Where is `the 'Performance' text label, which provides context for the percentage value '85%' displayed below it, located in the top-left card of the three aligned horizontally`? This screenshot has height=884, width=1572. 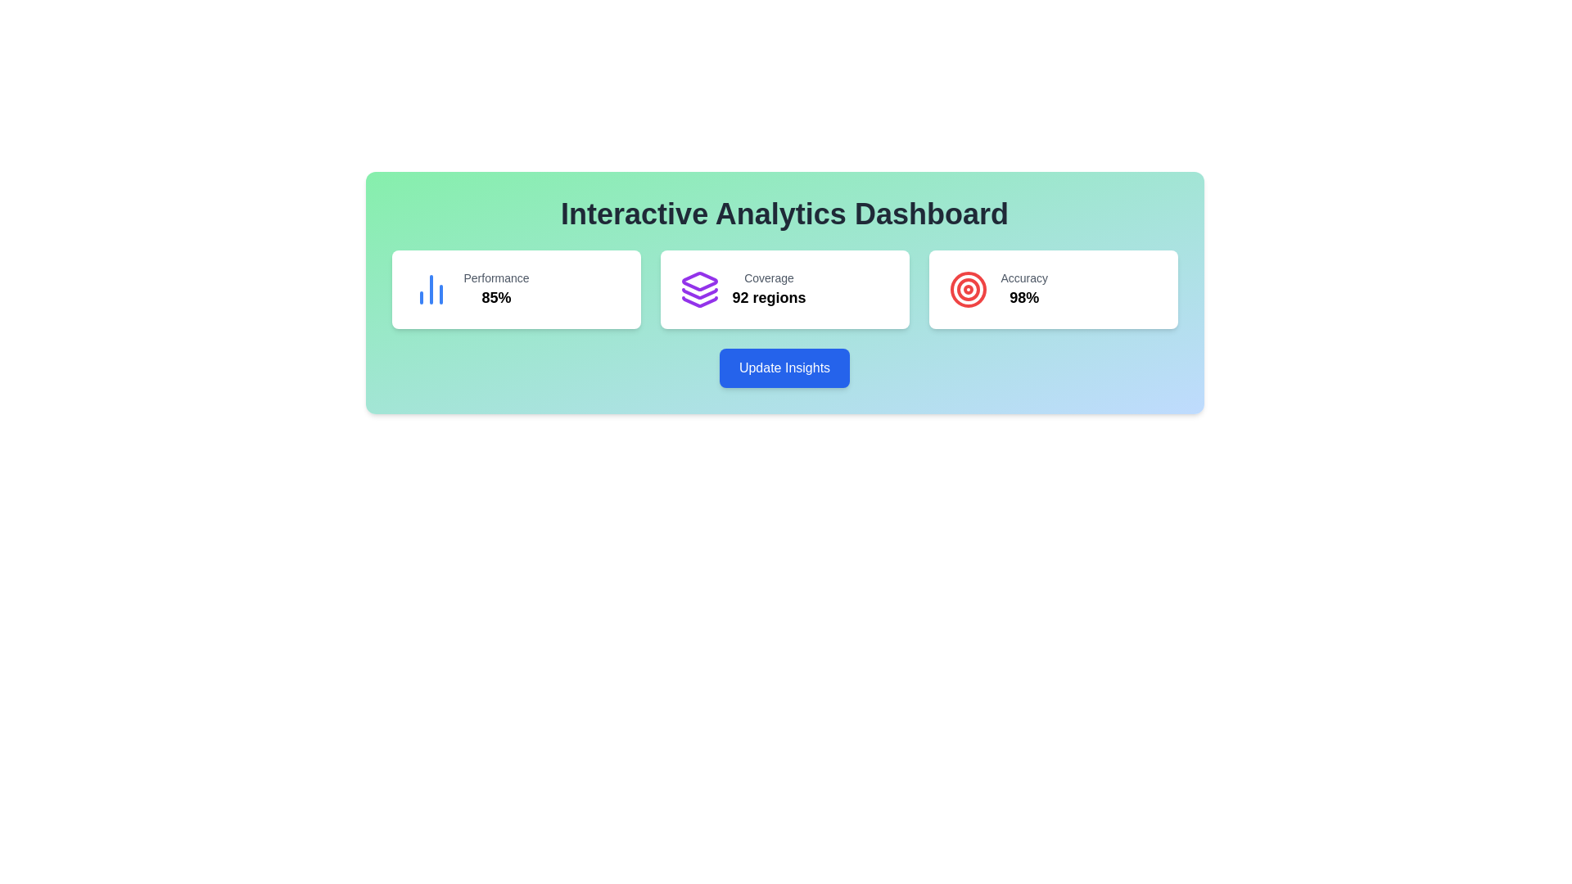
the 'Performance' text label, which provides context for the percentage value '85%' displayed below it, located in the top-left card of the three aligned horizontally is located at coordinates (495, 277).